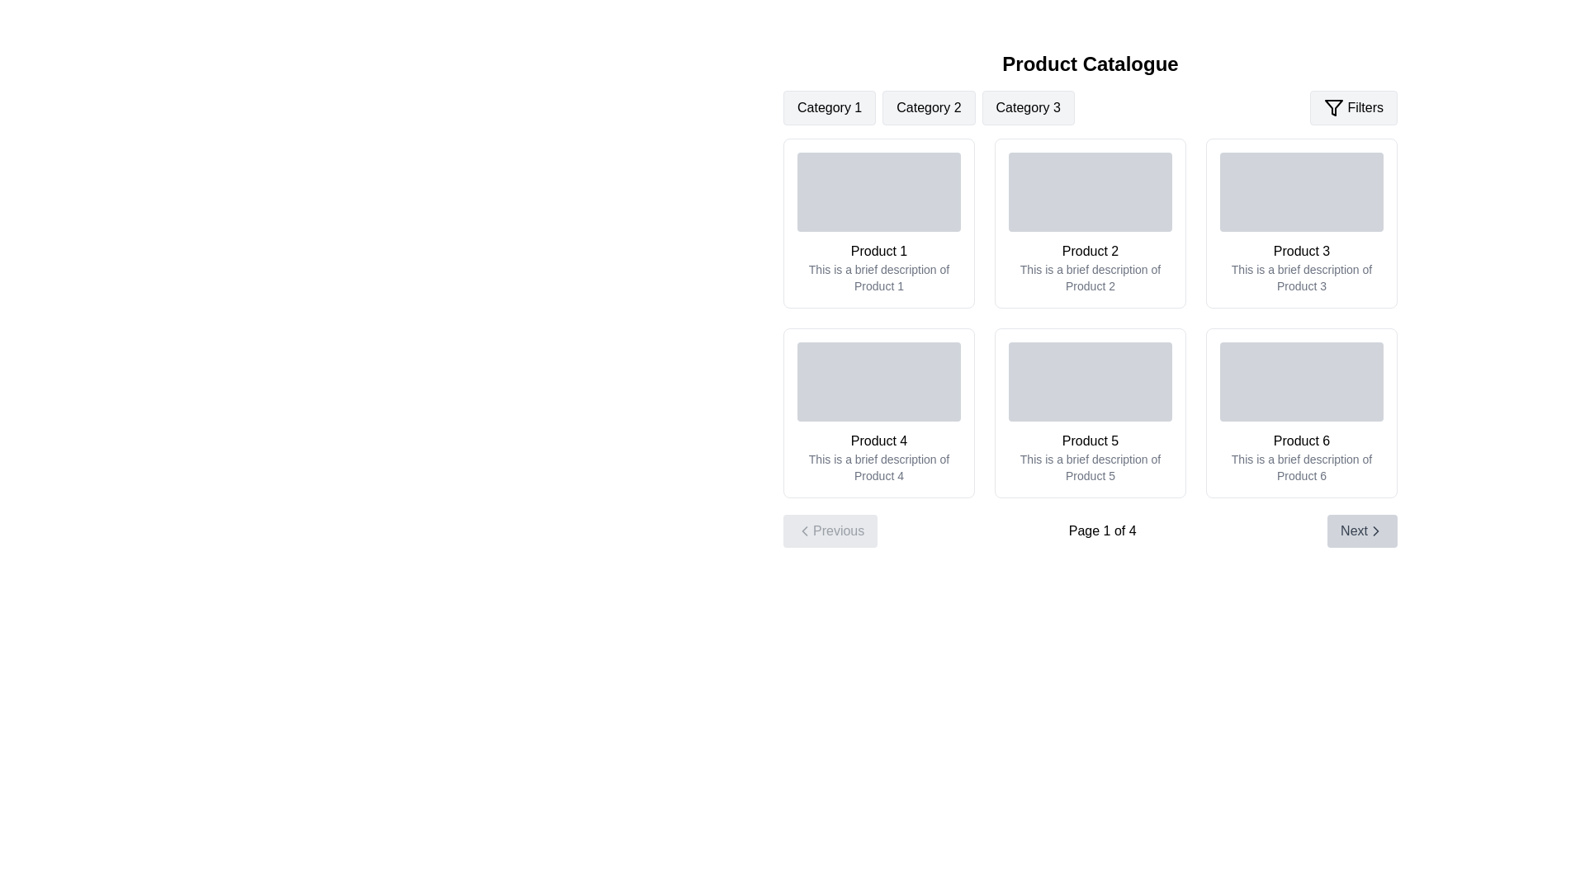 Image resolution: width=1585 pixels, height=891 pixels. What do you see at coordinates (1375, 531) in the screenshot?
I see `the right-facing chevron icon, which is part of the 'Next' button located at the bottom right corner of the interface` at bounding box center [1375, 531].